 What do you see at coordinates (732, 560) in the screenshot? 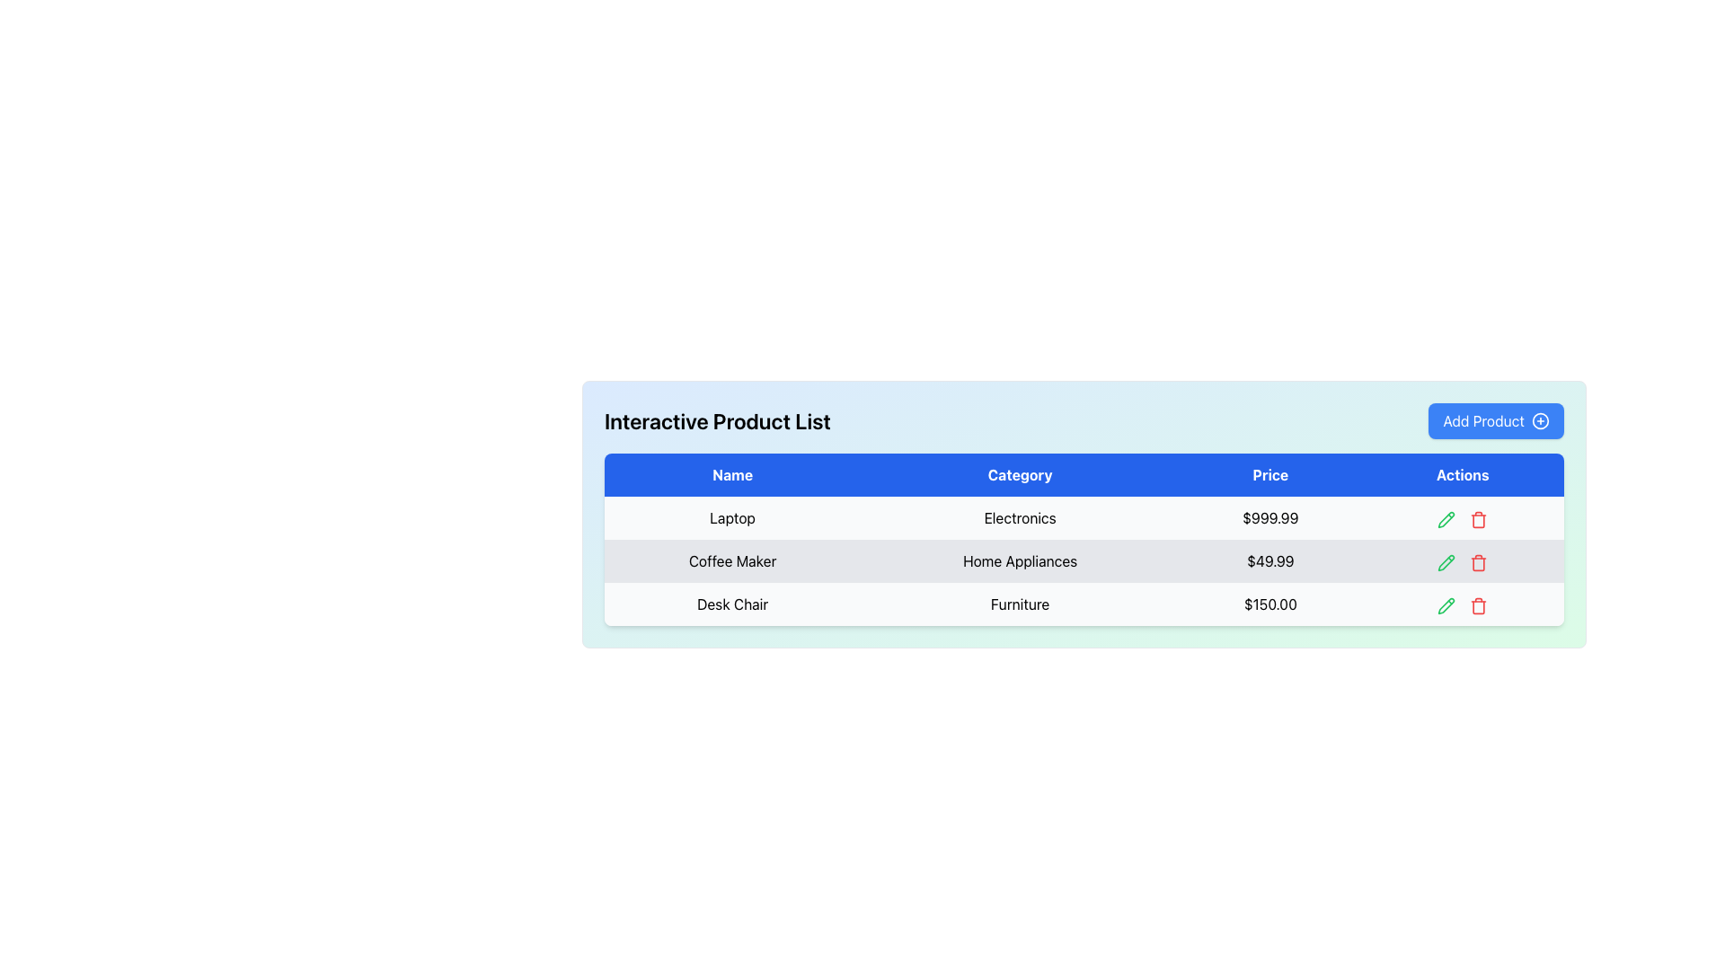
I see `the static text label in the second row of the table under the 'Name' column, which identifies the product before the 'Home Appliances' and '$49.99' cells` at bounding box center [732, 560].